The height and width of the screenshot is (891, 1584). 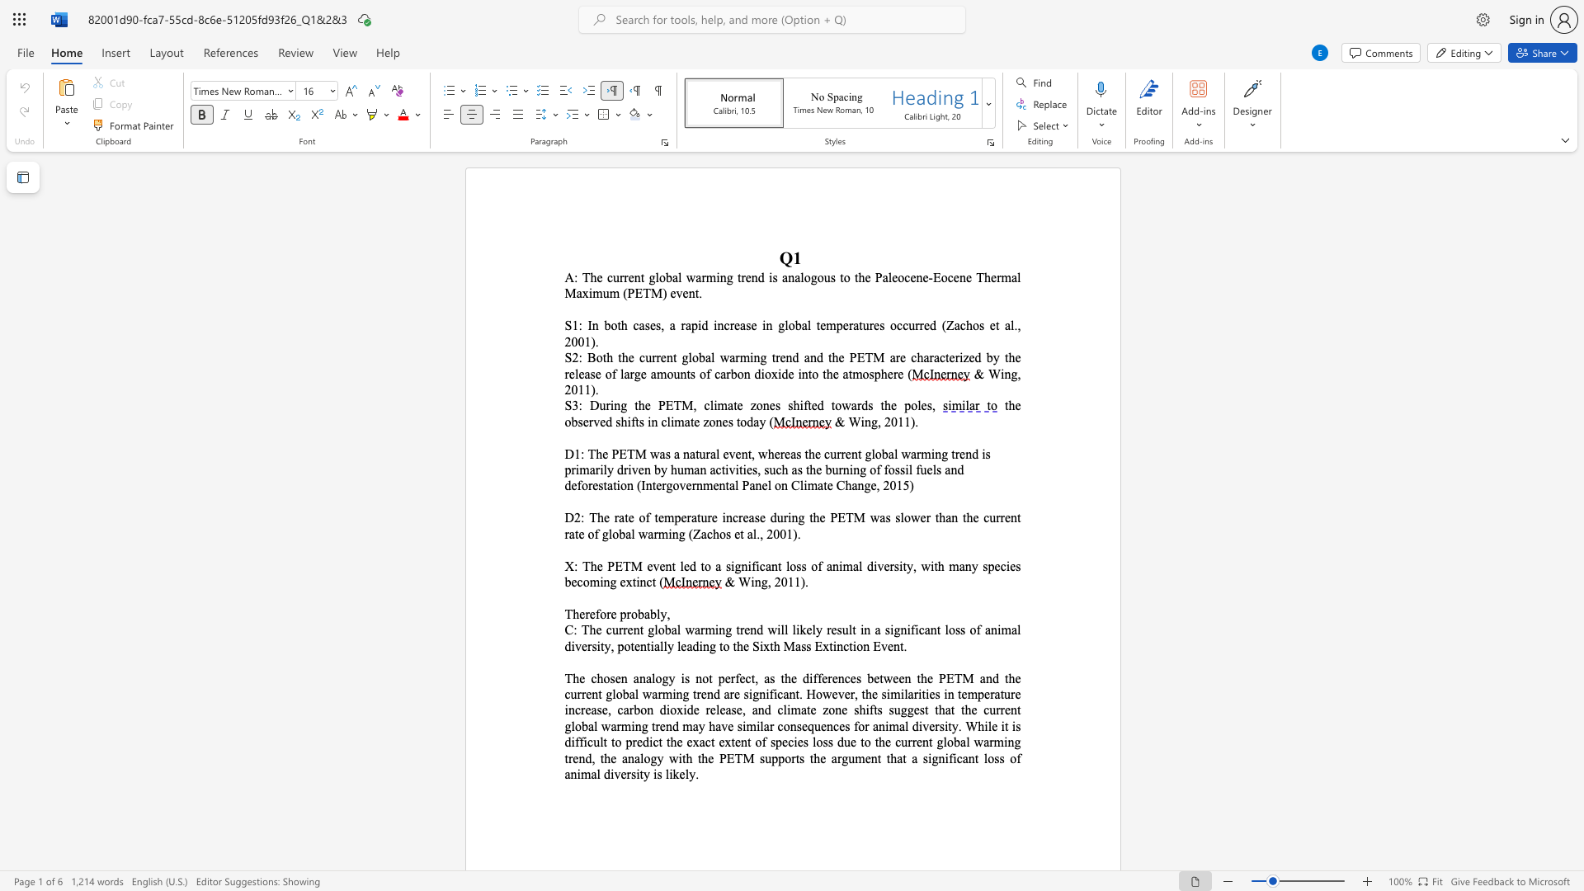 I want to click on the subset text "s," within the text "S3: During the PETM, climate zones shifted towards the poles,", so click(x=926, y=405).